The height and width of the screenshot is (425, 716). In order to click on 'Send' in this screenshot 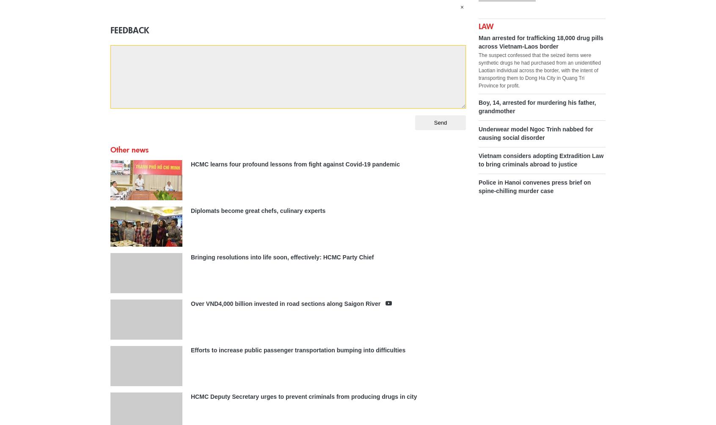, I will do `click(440, 122)`.